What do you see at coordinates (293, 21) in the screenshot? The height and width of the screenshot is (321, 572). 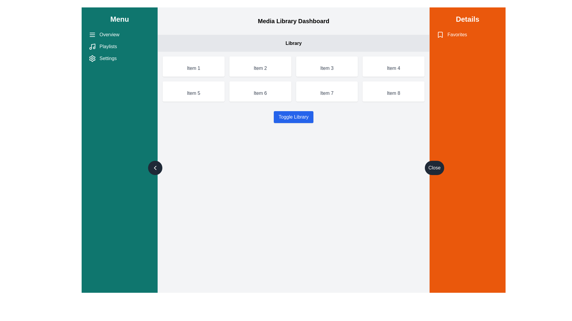 I see `the static text header located at the top-center of the main content area, which introduces the main content and is positioned above the 'Library' section` at bounding box center [293, 21].